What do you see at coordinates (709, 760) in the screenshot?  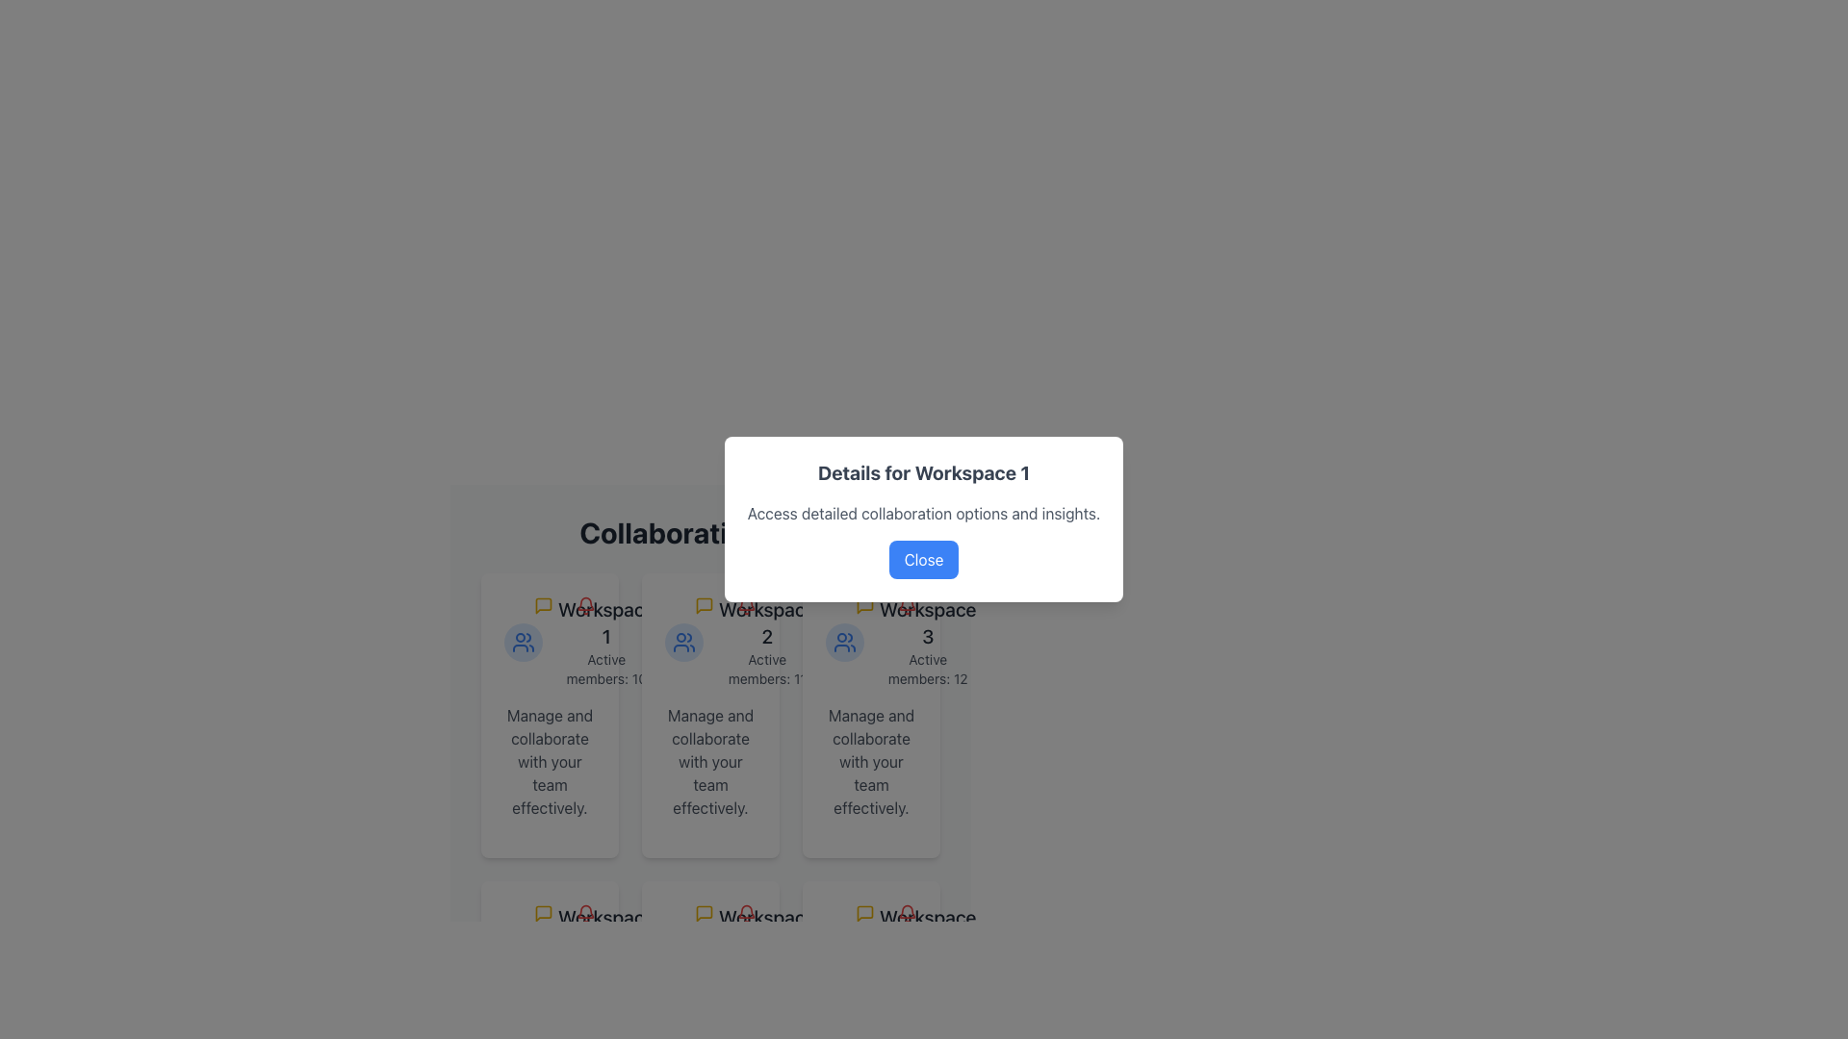 I see `the informational text label located at the bottom section of the second workspace card, which provides details about the purpose of the workspace` at bounding box center [709, 760].